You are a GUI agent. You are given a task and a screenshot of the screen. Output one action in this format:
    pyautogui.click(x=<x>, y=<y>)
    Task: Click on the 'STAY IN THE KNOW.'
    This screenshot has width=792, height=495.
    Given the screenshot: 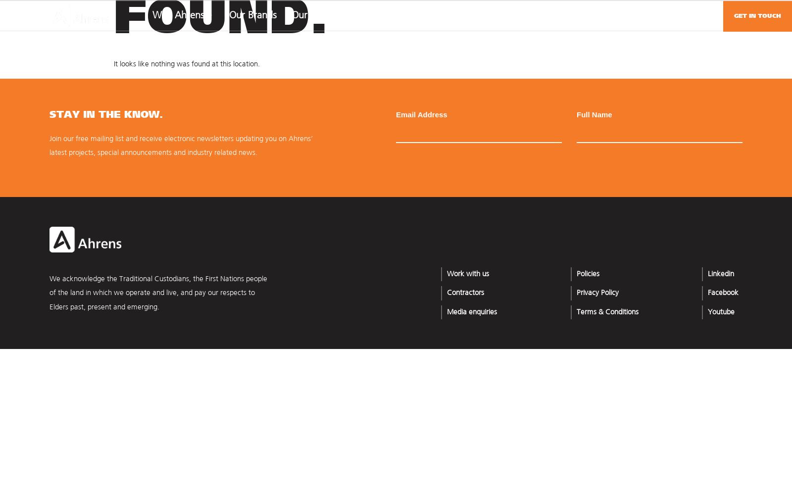 What is the action you would take?
    pyautogui.click(x=106, y=114)
    